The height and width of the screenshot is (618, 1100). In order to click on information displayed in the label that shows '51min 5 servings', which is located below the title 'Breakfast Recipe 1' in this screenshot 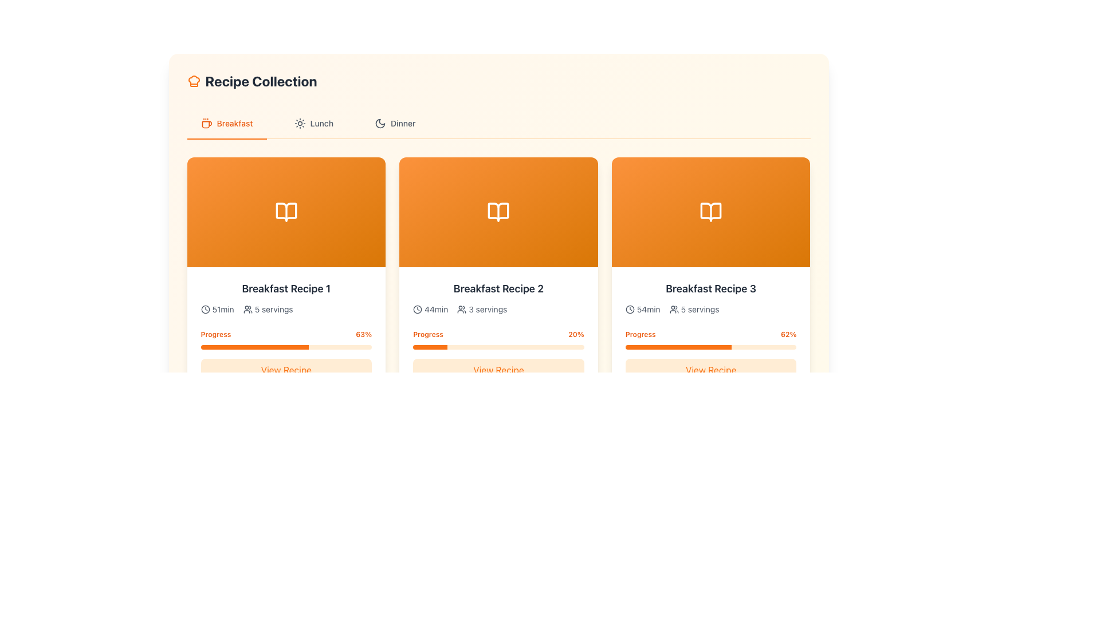, I will do `click(286, 309)`.